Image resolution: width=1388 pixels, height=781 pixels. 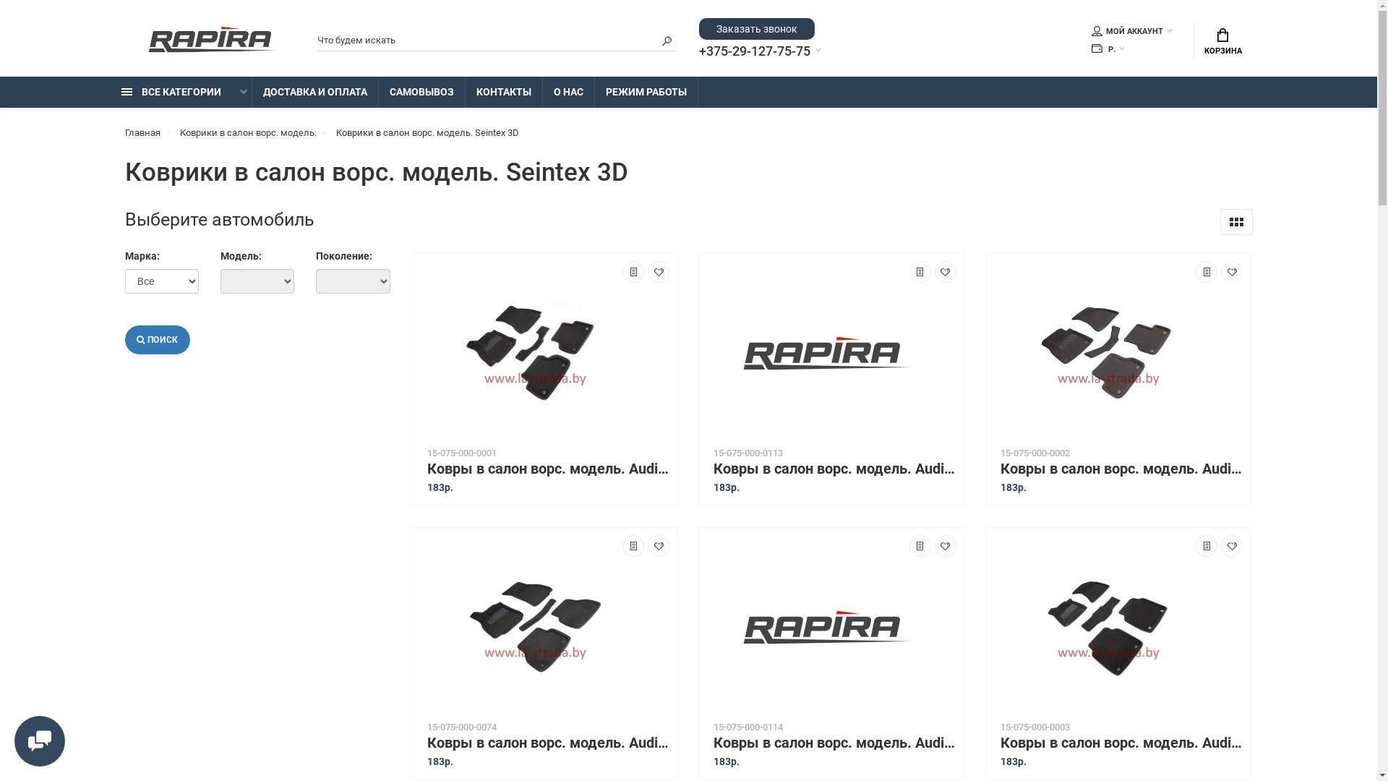 I want to click on '+375-29-127-75-75', so click(x=698, y=50).